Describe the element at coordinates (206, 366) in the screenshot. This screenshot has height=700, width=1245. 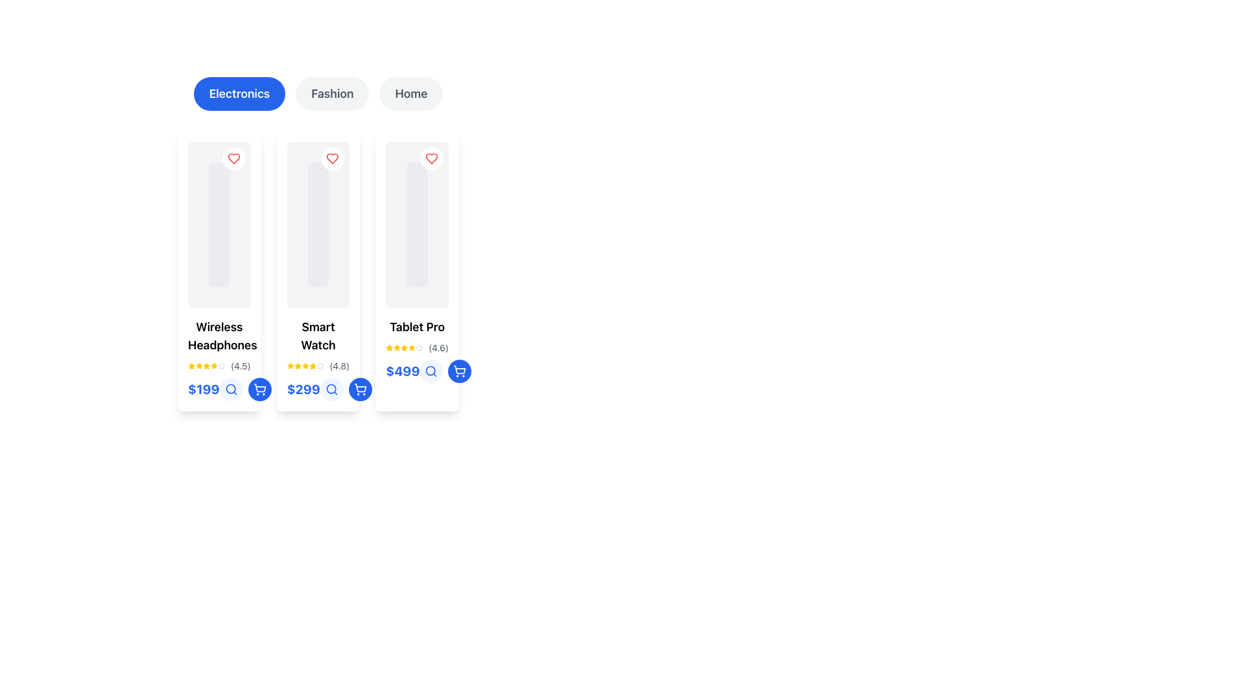
I see `the fourth star icon representing rating functionality, which is styled with a yellow fill and borders, located under the product description 'Wireless Headphones'` at that location.